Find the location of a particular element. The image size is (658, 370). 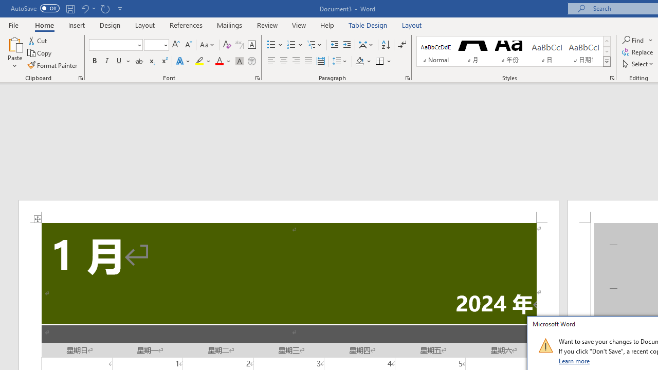

'More Options' is located at coordinates (651, 40).